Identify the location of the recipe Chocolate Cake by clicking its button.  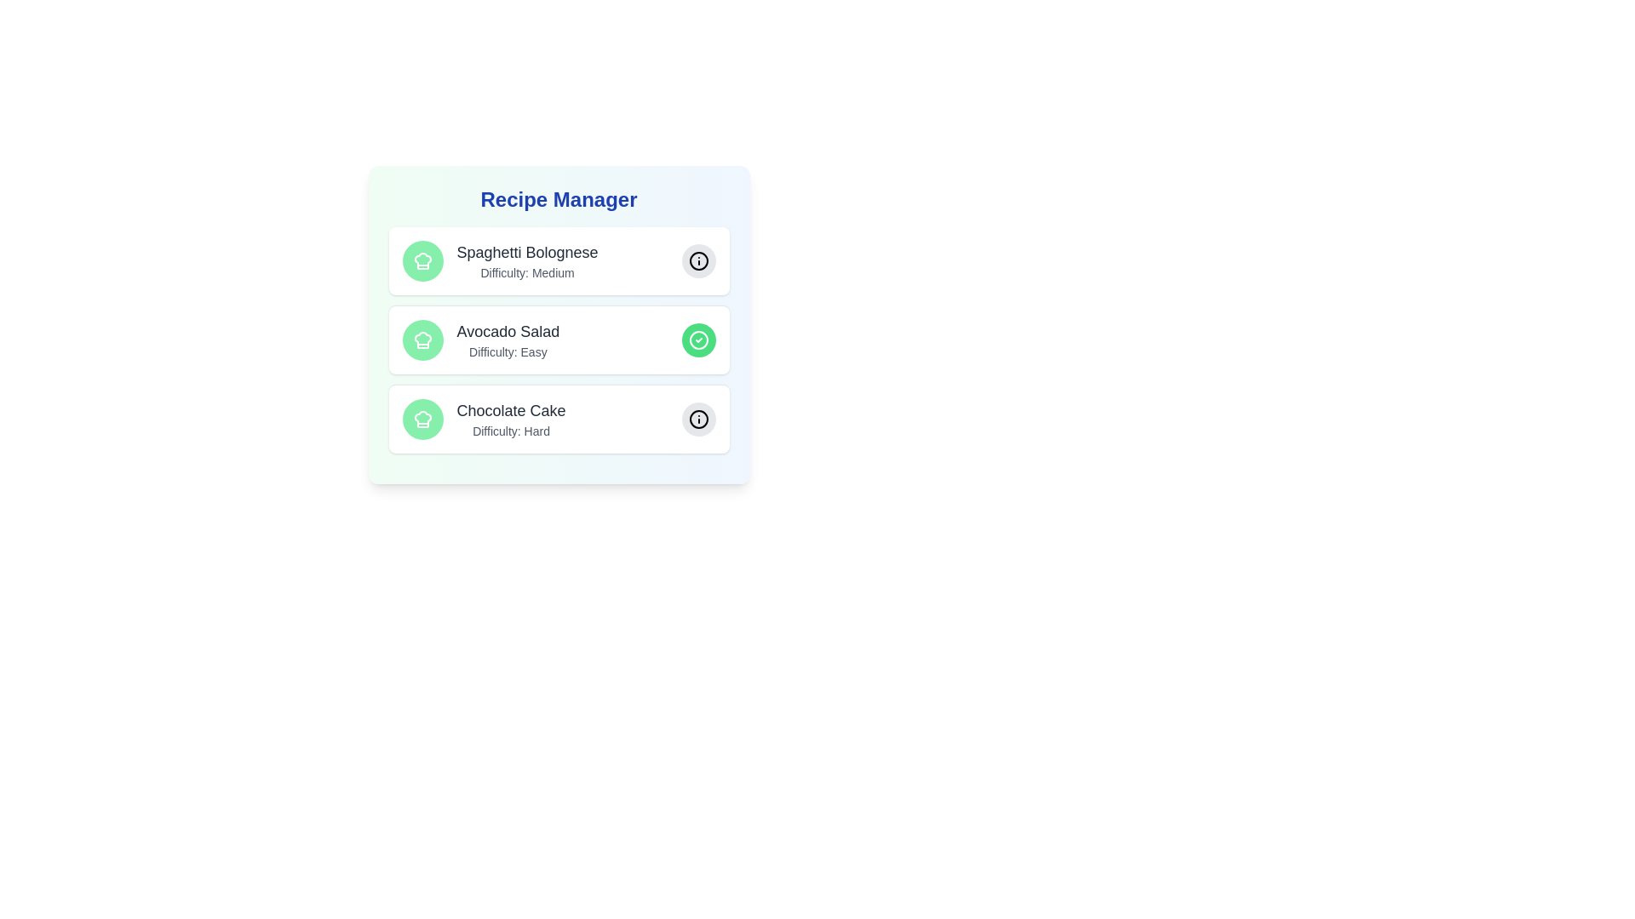
(698, 420).